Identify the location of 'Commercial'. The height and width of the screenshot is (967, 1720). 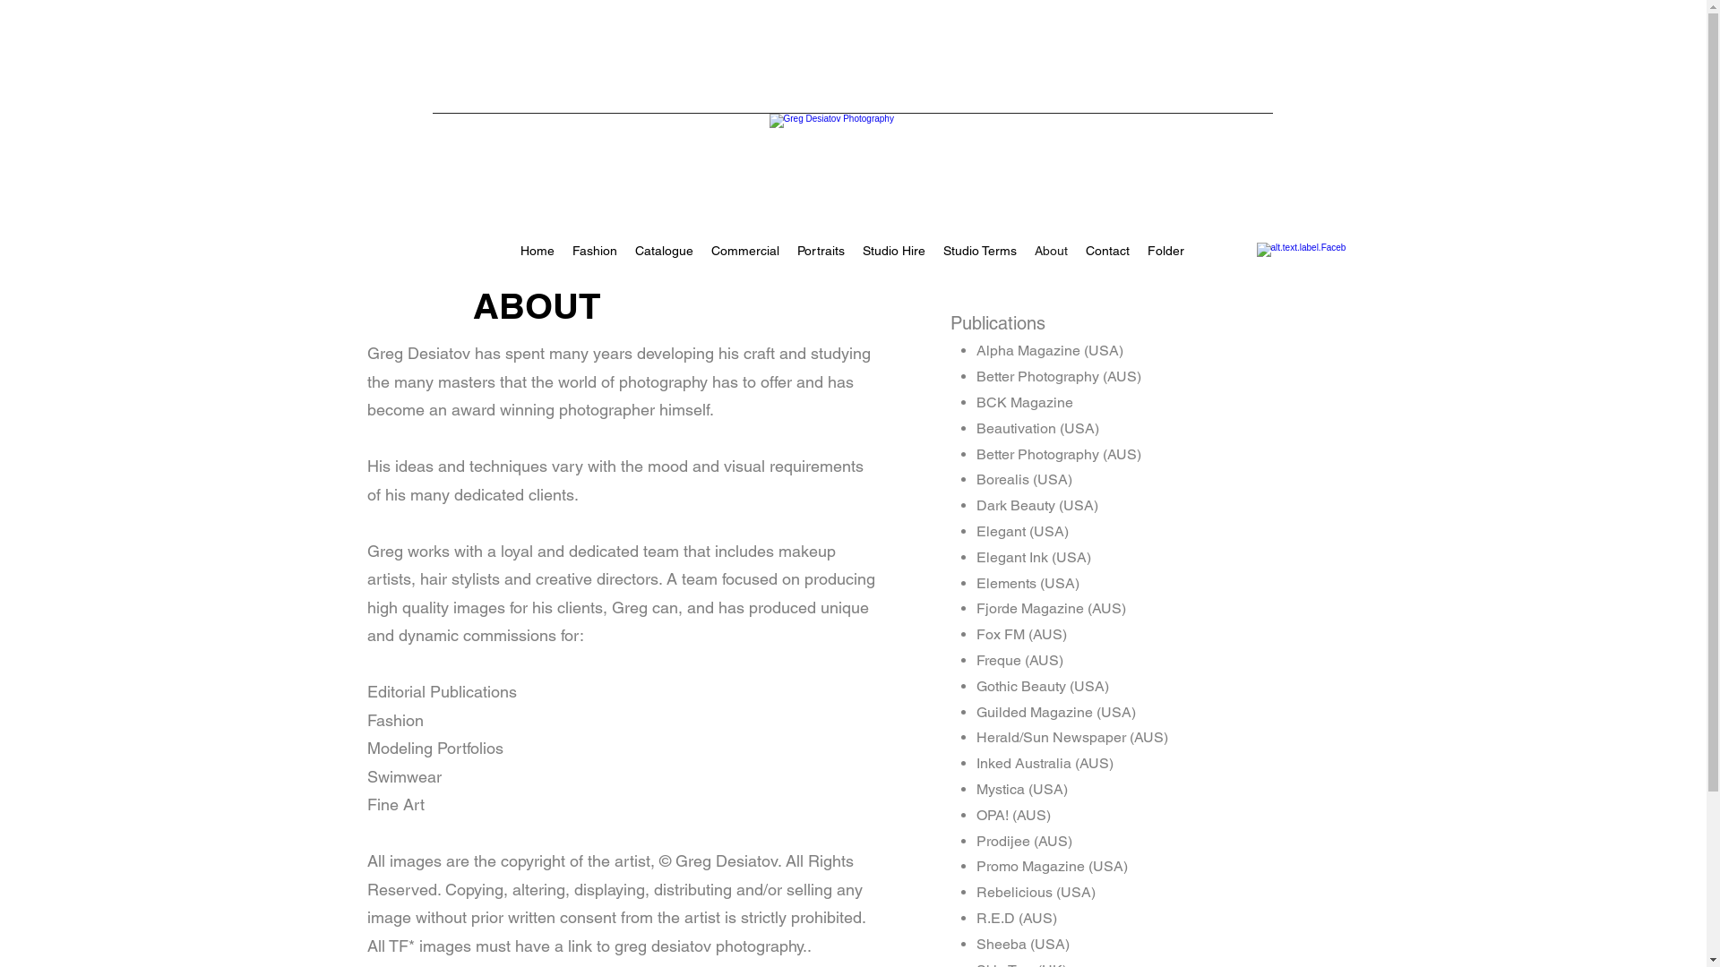
(744, 251).